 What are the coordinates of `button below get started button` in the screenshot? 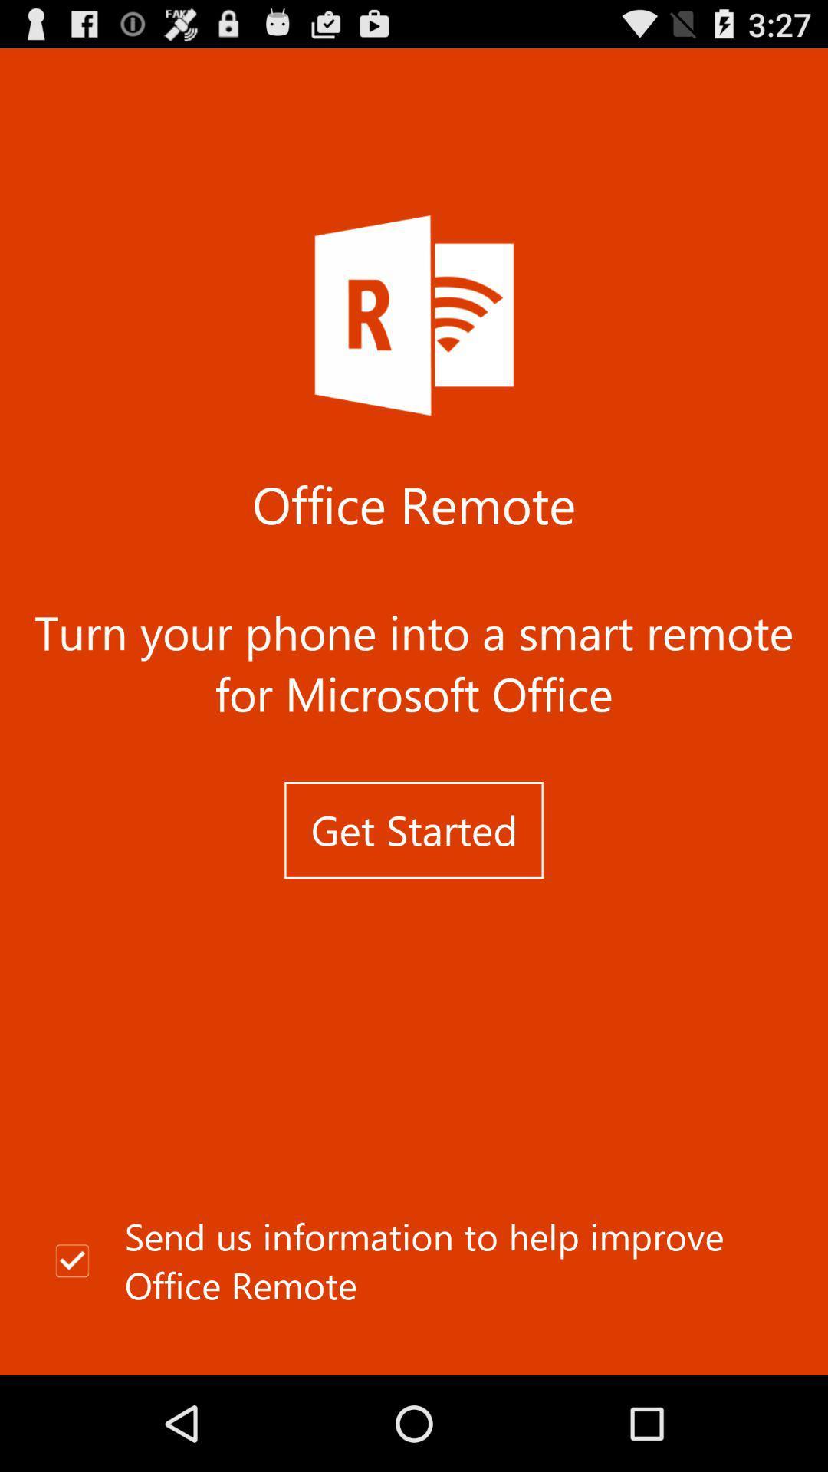 It's located at (414, 1261).